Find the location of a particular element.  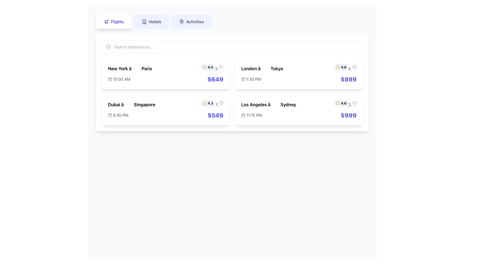

the Rating display element located in the bottom-right corner of the 'Los Angeles to Sydney' flight option card, which shows the flight's quality rating is located at coordinates (341, 103).